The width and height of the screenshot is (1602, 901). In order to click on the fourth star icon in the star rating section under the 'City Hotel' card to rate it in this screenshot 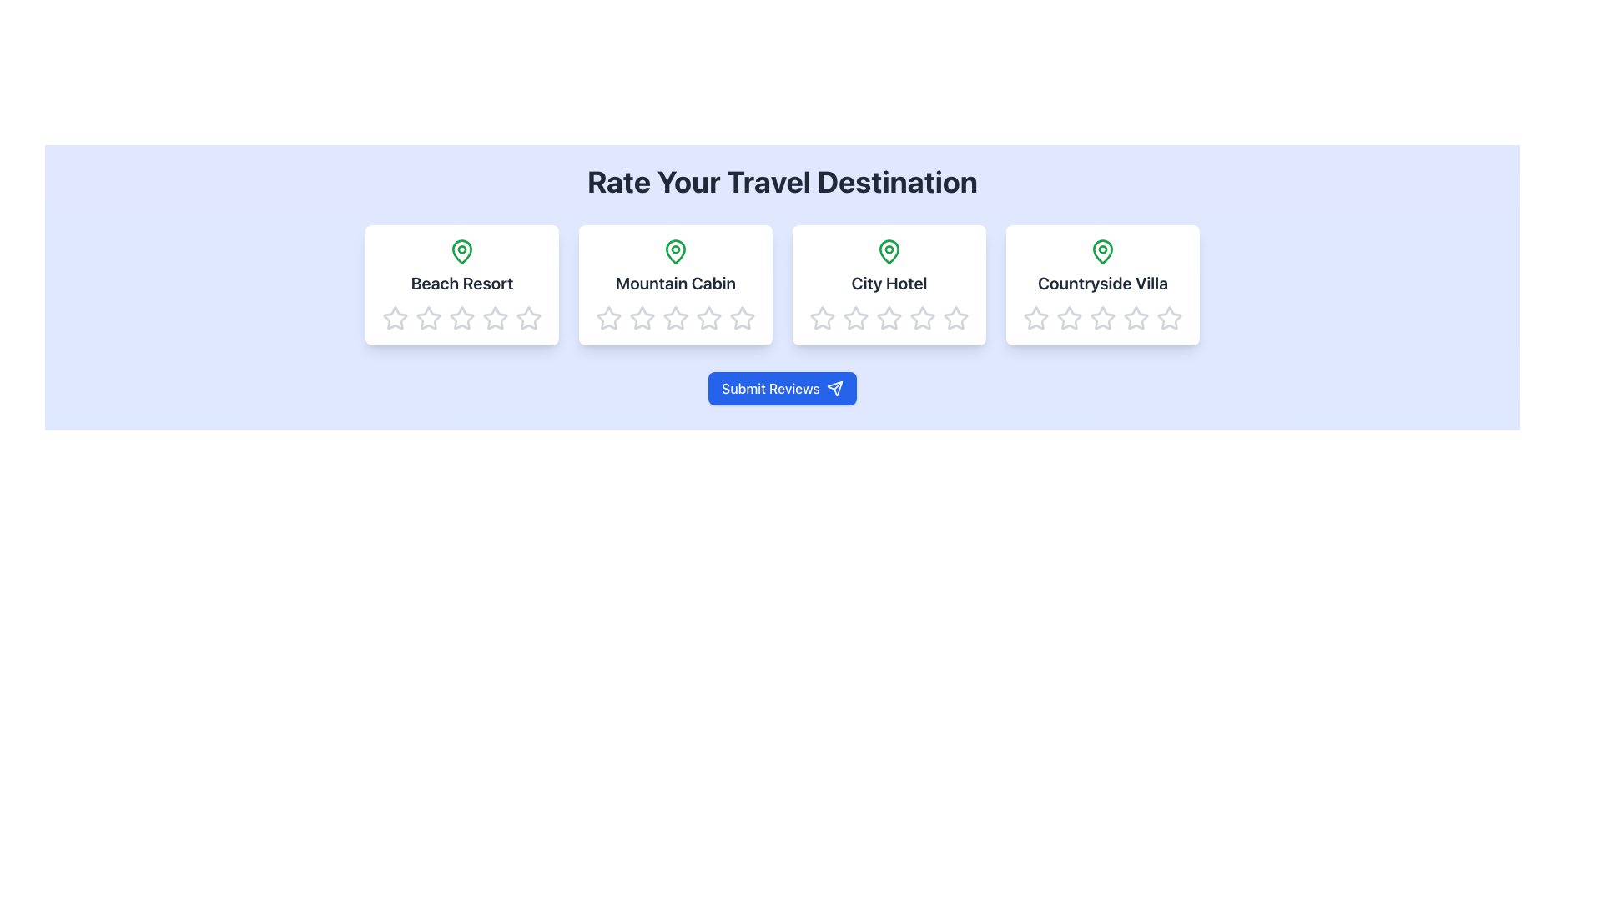, I will do `click(956, 318)`.